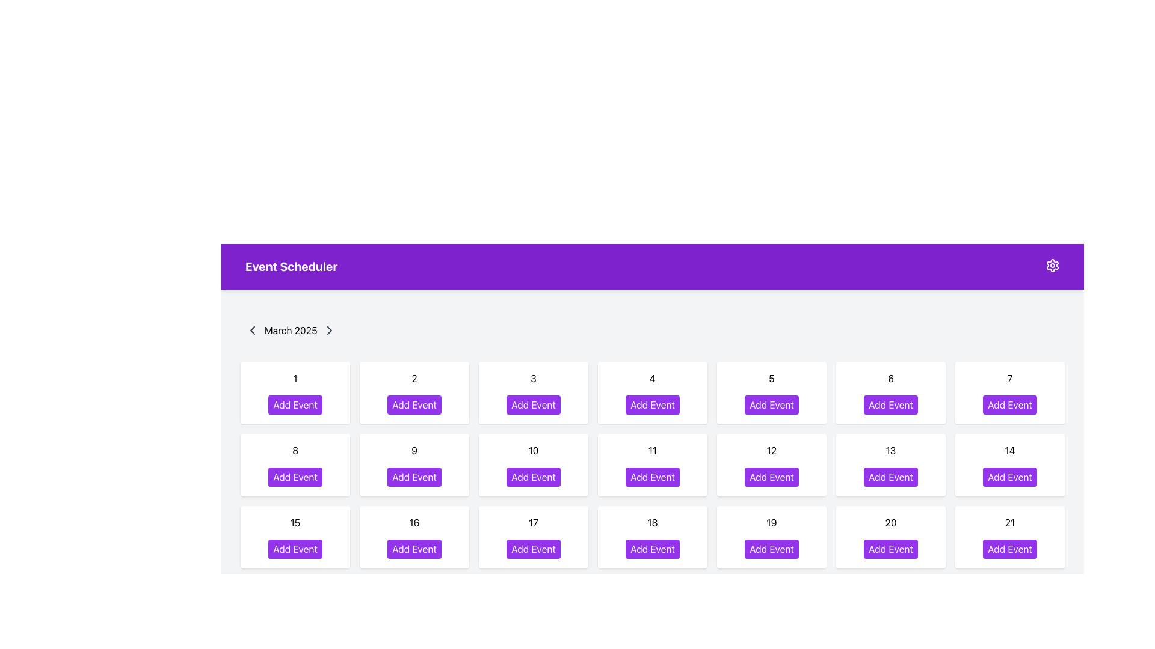 Image resolution: width=1155 pixels, height=649 pixels. What do you see at coordinates (252, 331) in the screenshot?
I see `the left-facing chevron icon in the upper-left region of the interface` at bounding box center [252, 331].